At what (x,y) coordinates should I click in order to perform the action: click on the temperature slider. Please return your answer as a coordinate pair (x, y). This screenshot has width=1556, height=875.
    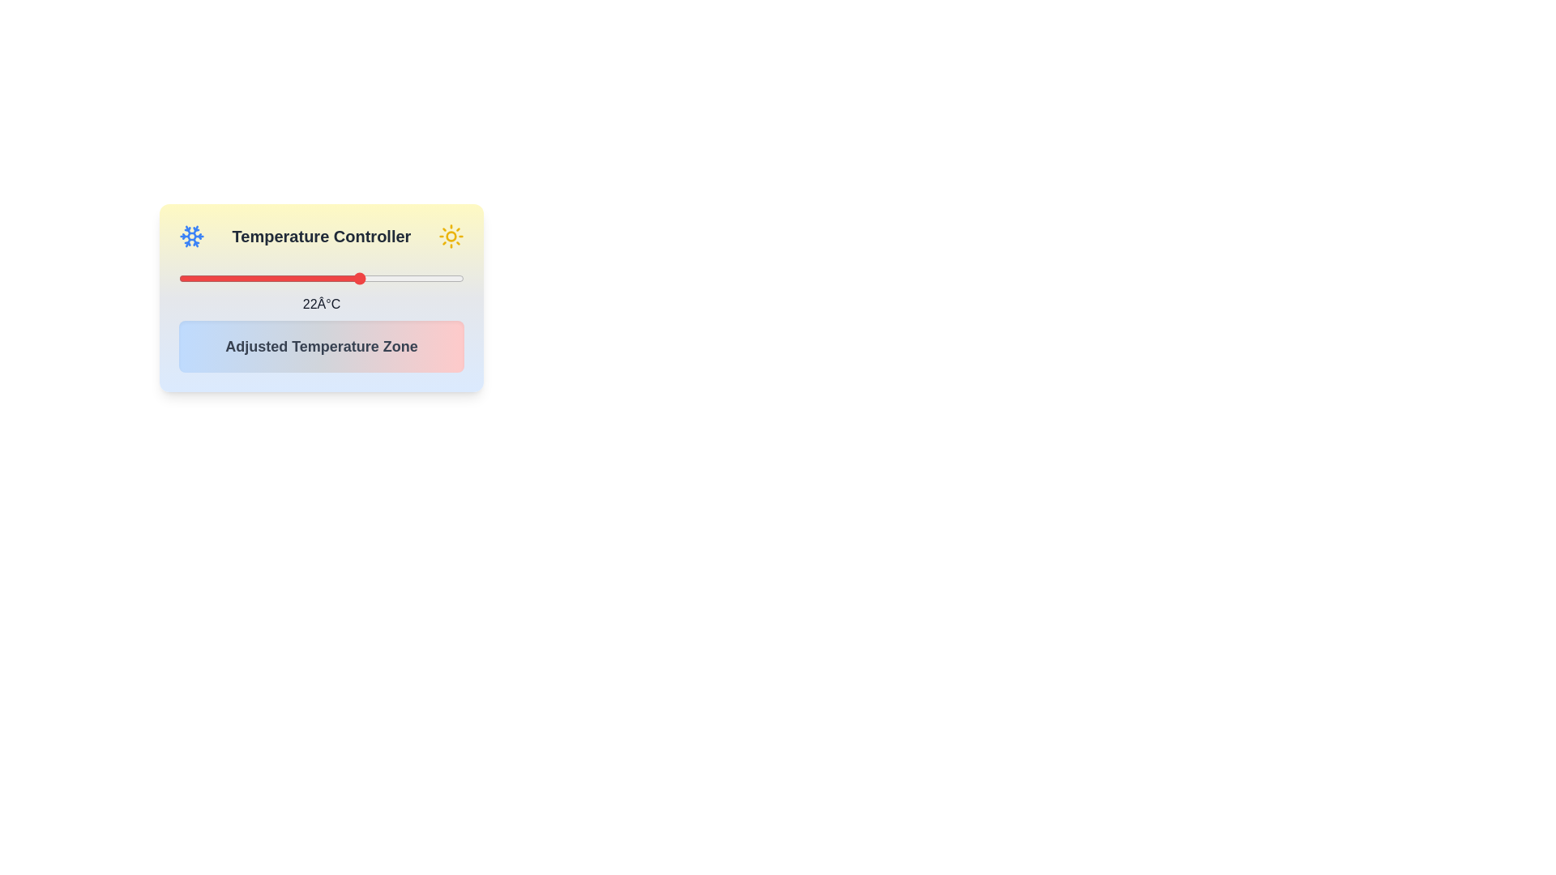
    Looking at the image, I should click on (185, 277).